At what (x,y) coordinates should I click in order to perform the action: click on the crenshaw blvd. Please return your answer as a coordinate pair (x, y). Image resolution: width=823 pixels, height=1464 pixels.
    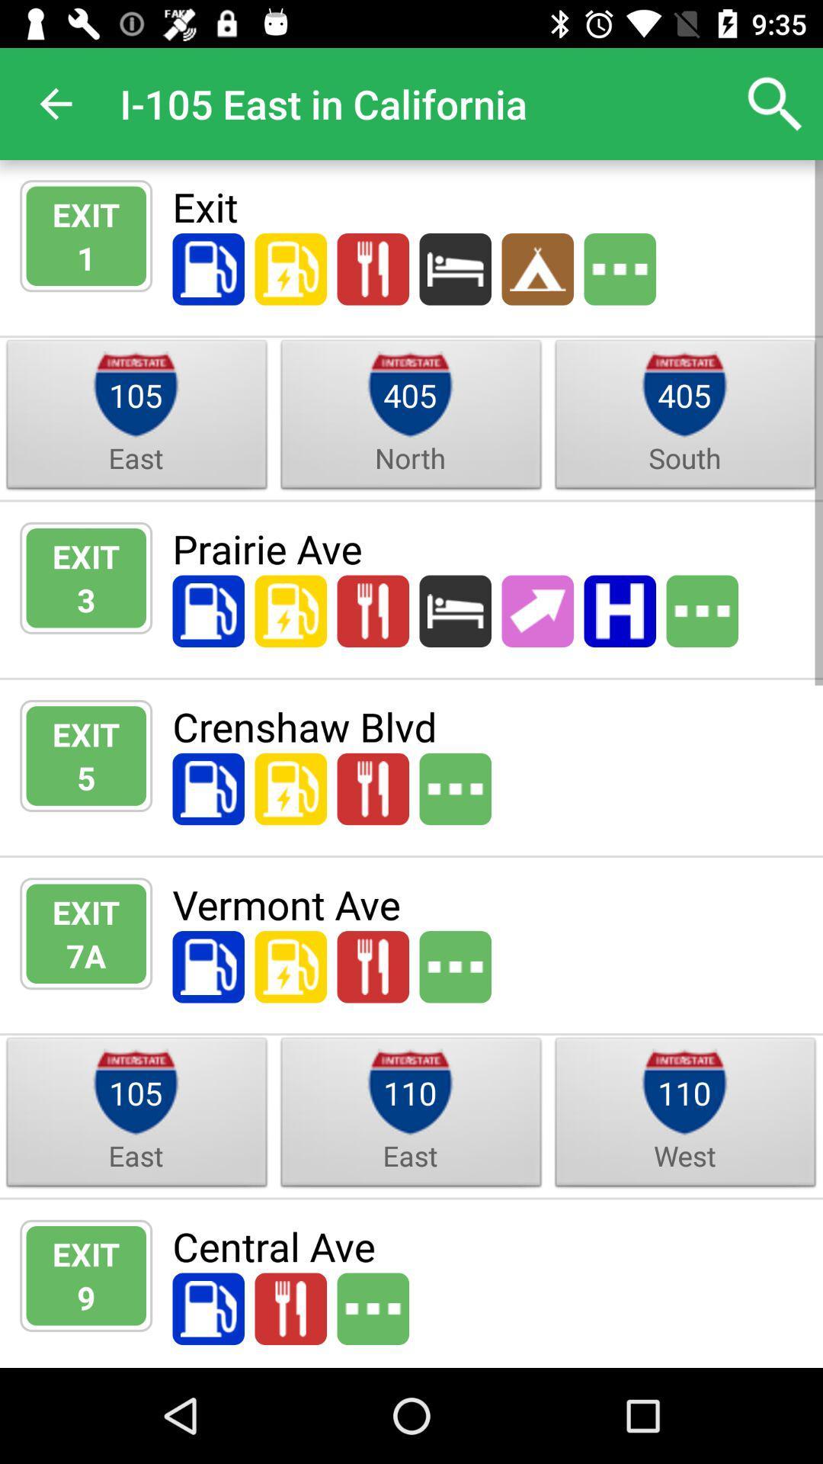
    Looking at the image, I should click on (488, 725).